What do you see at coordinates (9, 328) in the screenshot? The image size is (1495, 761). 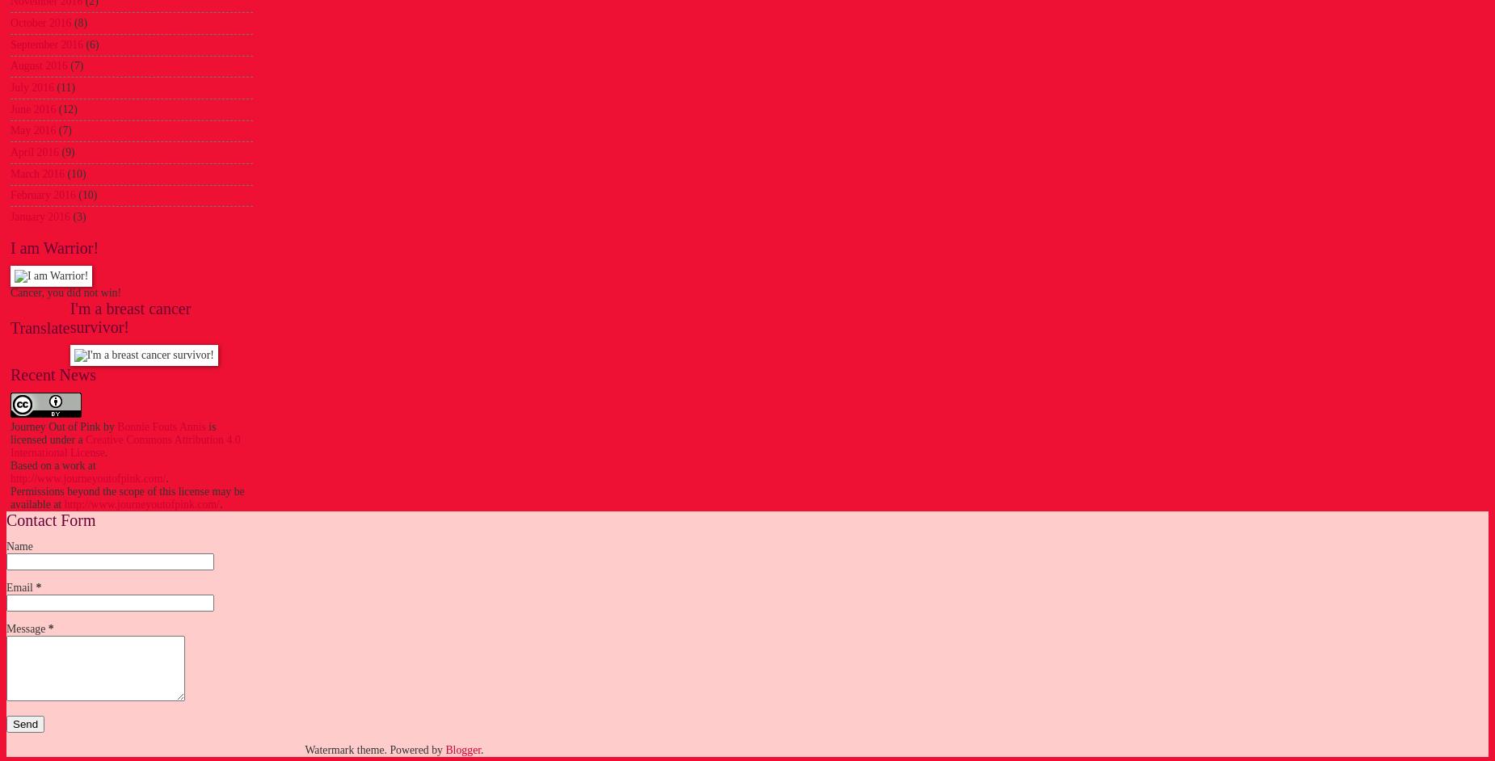 I see `'Translate'` at bounding box center [9, 328].